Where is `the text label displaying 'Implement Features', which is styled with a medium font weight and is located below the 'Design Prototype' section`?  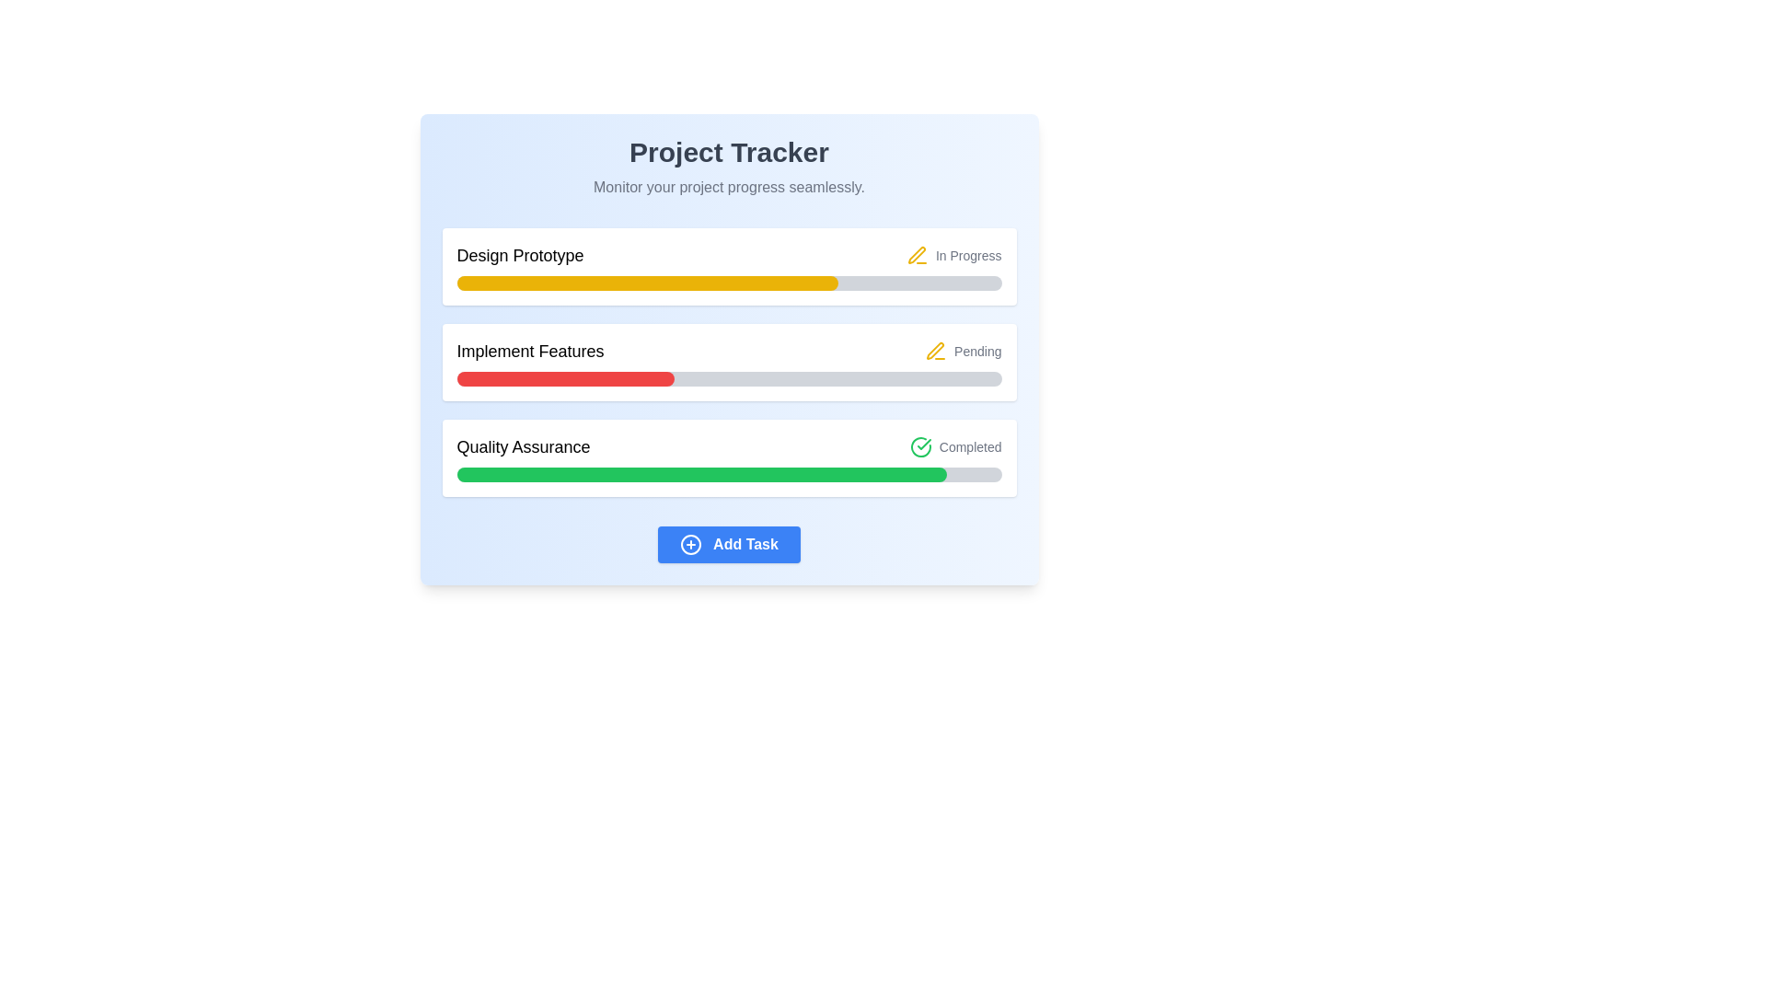
the text label displaying 'Implement Features', which is styled with a medium font weight and is located below the 'Design Prototype' section is located at coordinates (529, 351).